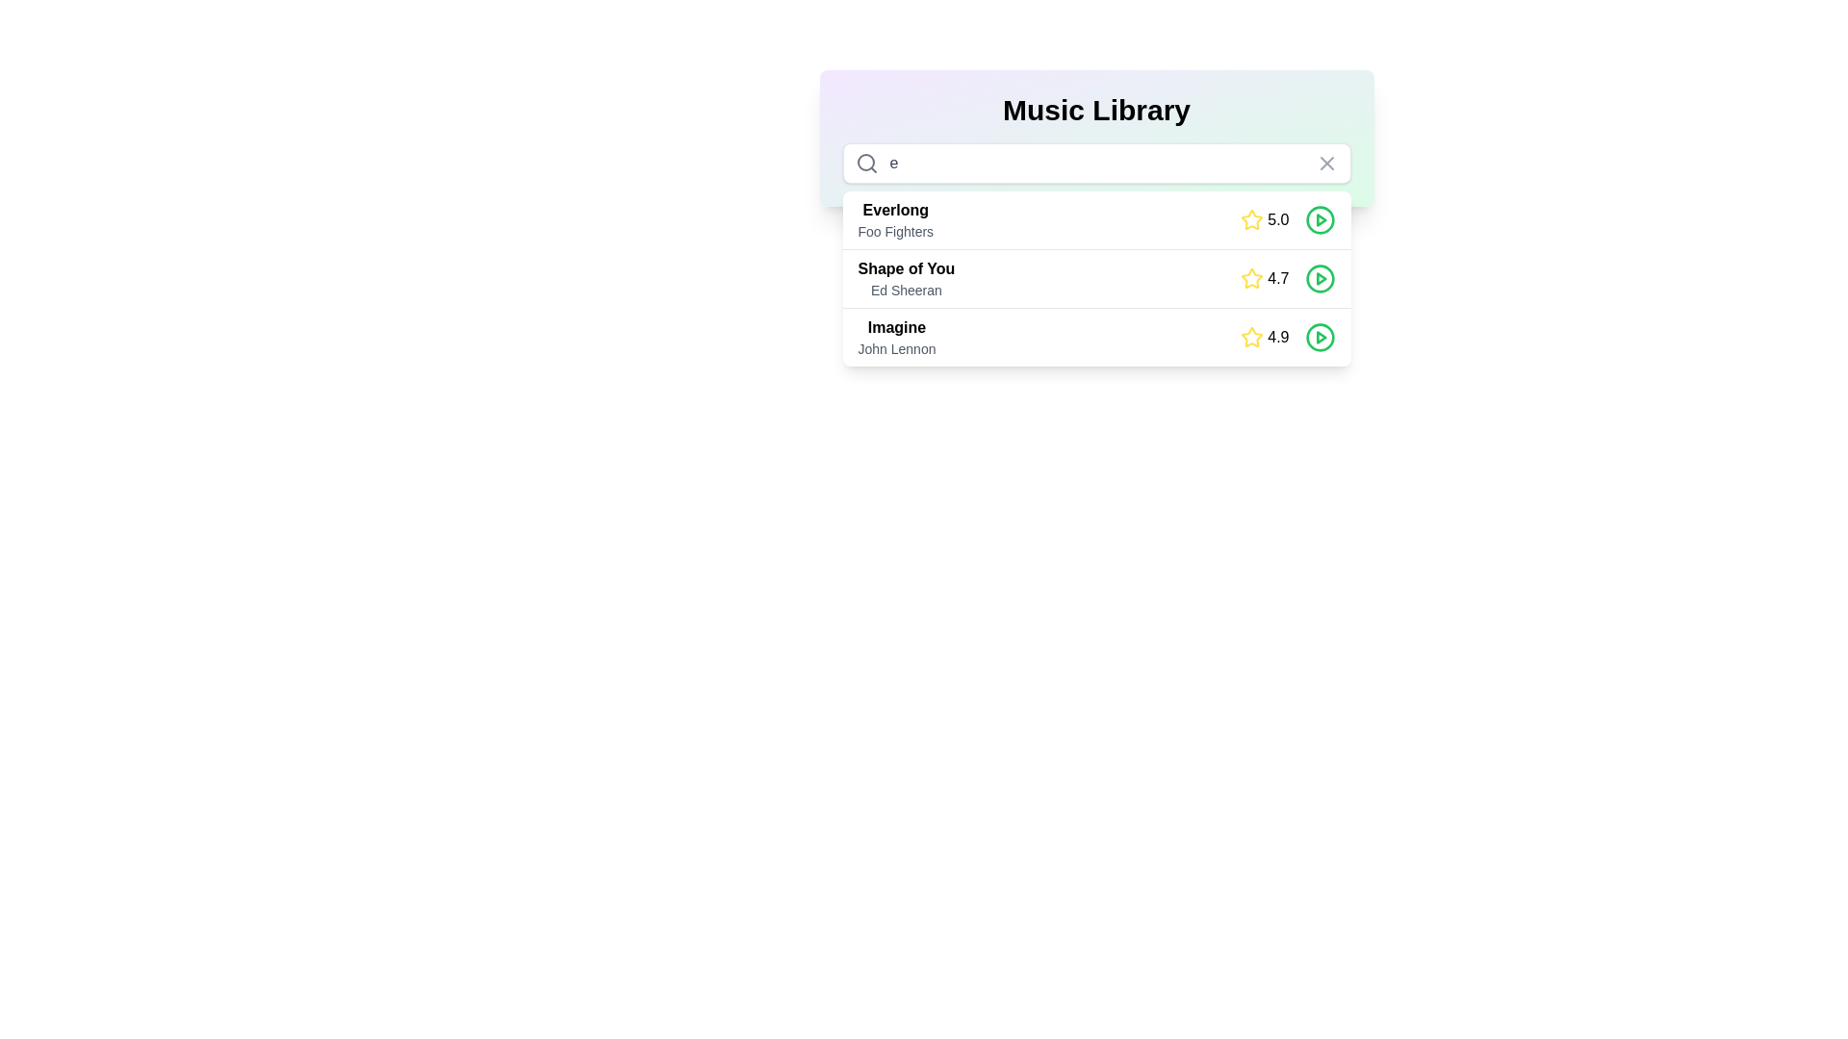 The height and width of the screenshot is (1039, 1848). I want to click on the bright yellow star icon indicating ratings or favorites located in the bottom row of the 'Music Library' table, next to the numeric score '4.9', so click(1252, 336).